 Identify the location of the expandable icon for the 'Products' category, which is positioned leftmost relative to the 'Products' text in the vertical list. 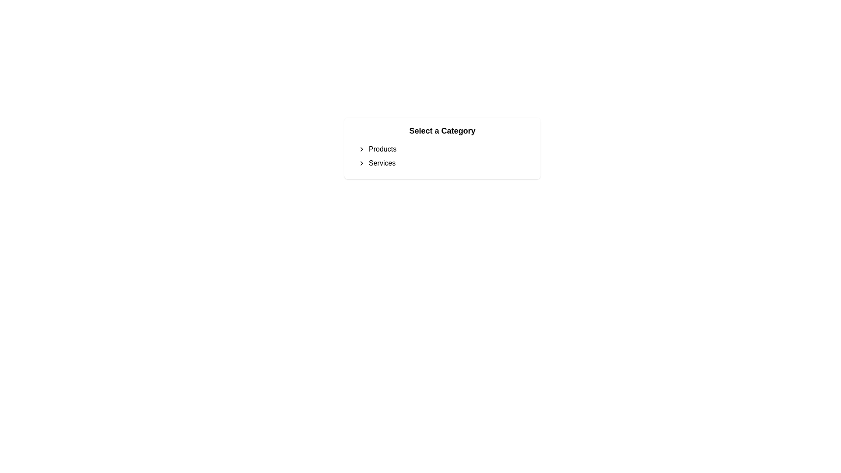
(361, 148).